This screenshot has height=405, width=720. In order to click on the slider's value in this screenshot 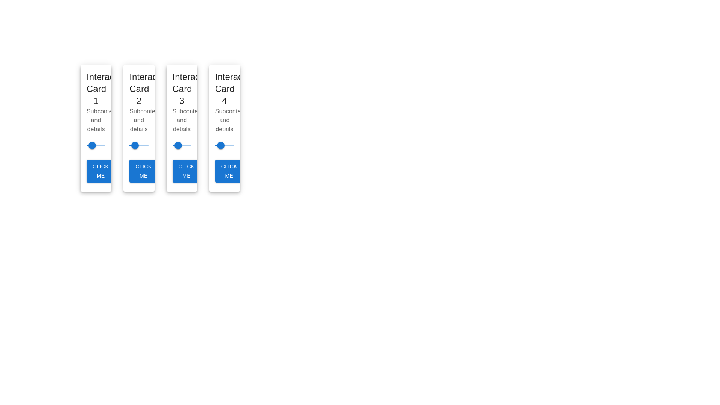, I will do `click(178, 145)`.